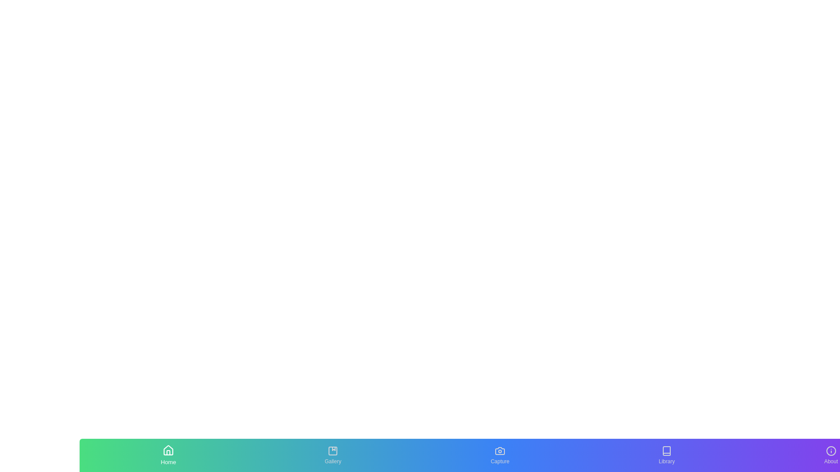 The width and height of the screenshot is (840, 472). Describe the element at coordinates (500, 455) in the screenshot. I see `the Capture tab` at that location.